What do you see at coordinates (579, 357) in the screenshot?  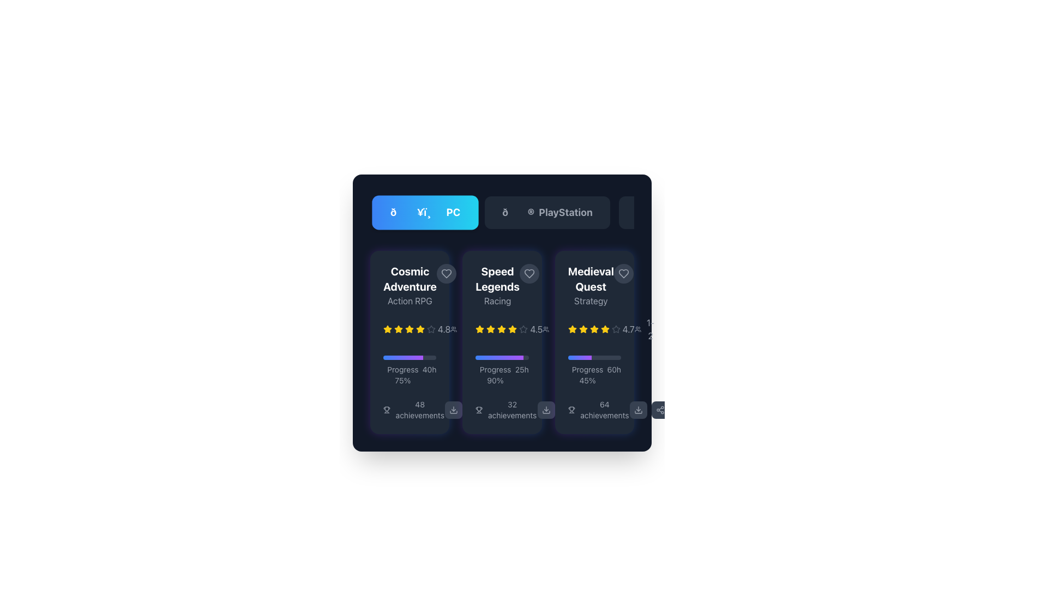 I see `the progress bar segment styled with a gradient from blue to purple within the 'Medieval Quest' game card` at bounding box center [579, 357].